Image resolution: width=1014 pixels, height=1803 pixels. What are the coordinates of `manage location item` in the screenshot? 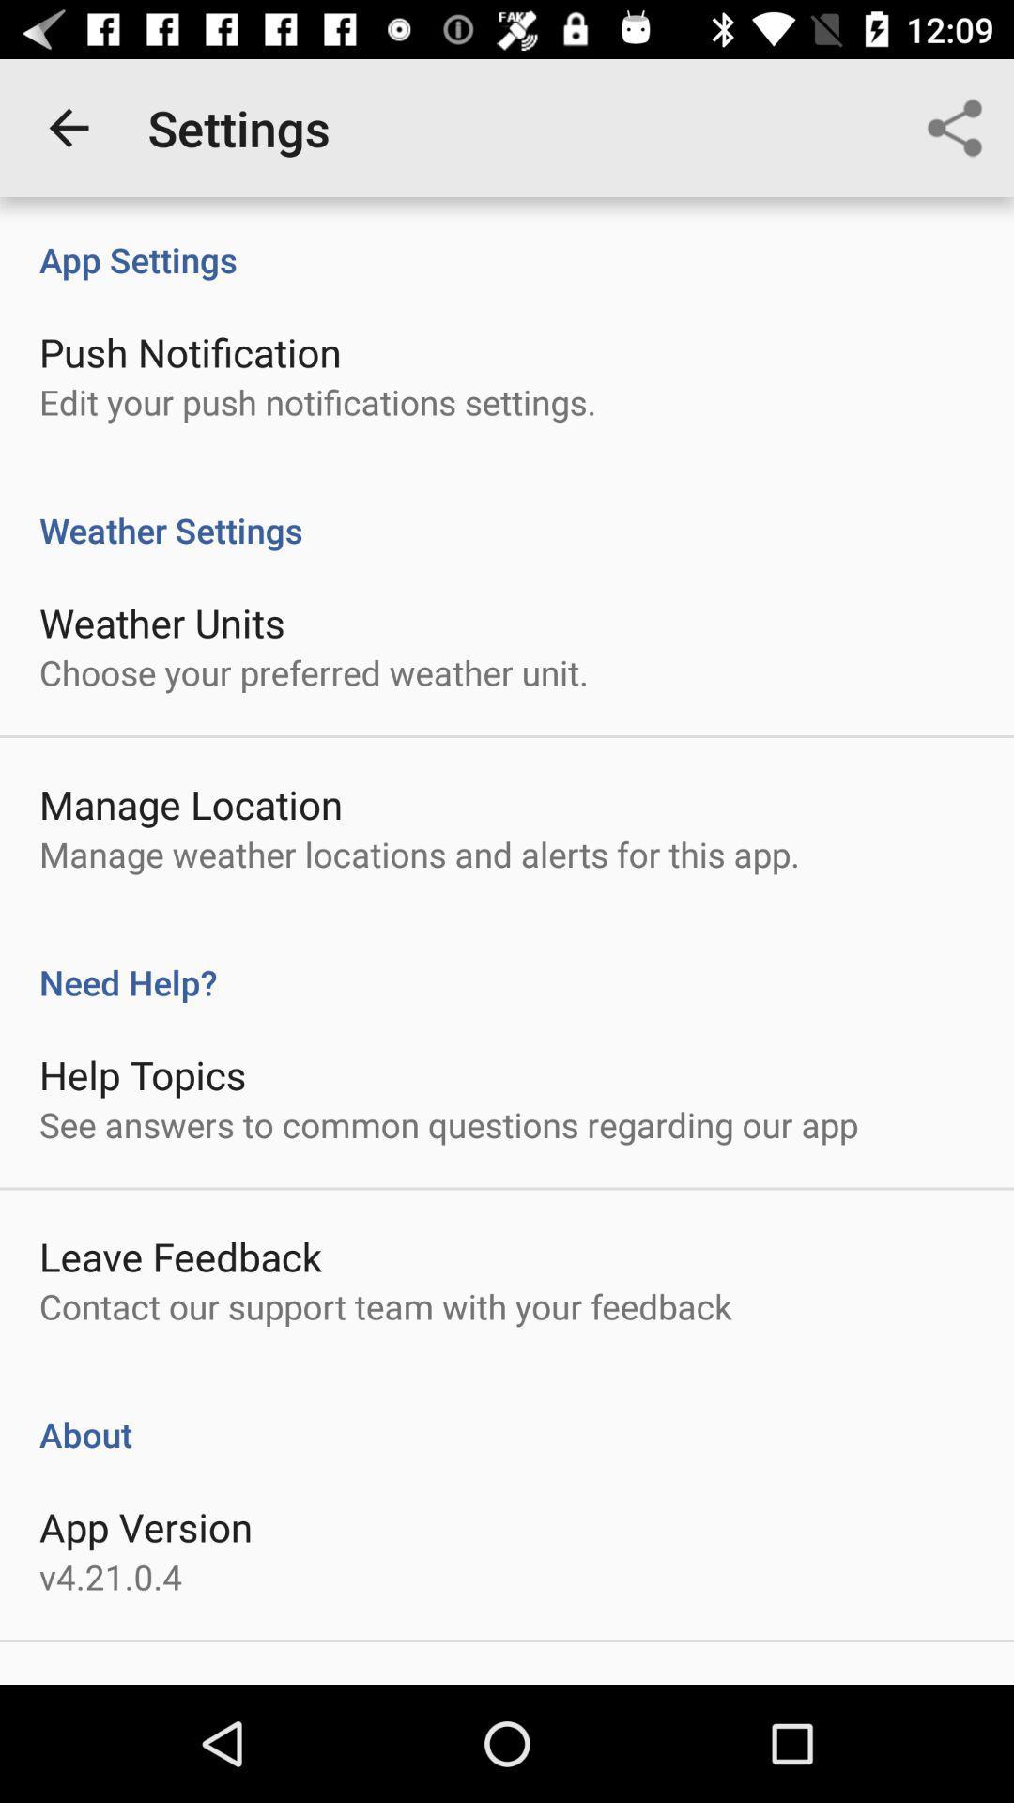 It's located at (191, 804).